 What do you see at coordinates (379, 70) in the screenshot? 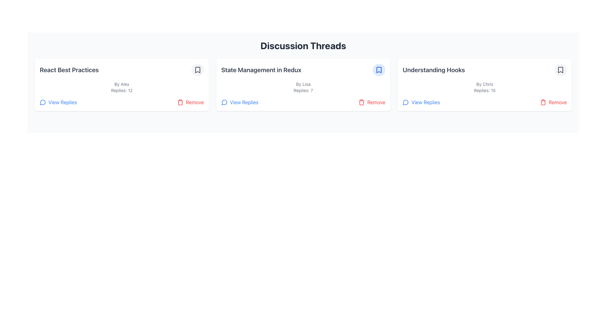
I see `the bookmark icon button located at the top-right end of the card labeled 'State Management in Redux' in the header section to bookmark the discussion` at bounding box center [379, 70].